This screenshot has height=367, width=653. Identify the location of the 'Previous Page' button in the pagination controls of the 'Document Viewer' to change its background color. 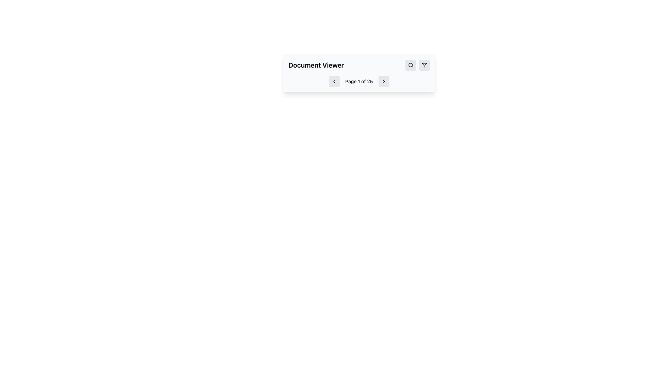
(334, 81).